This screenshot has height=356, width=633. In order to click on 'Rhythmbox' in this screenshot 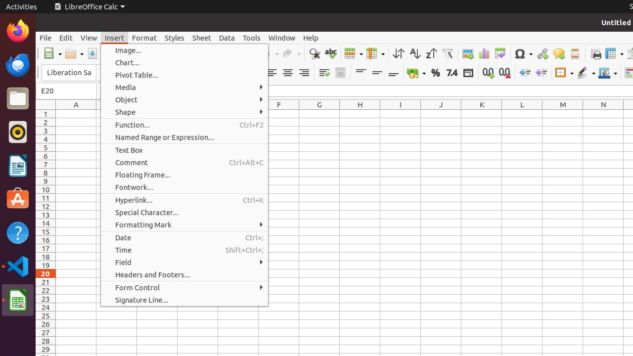, I will do `click(17, 131)`.